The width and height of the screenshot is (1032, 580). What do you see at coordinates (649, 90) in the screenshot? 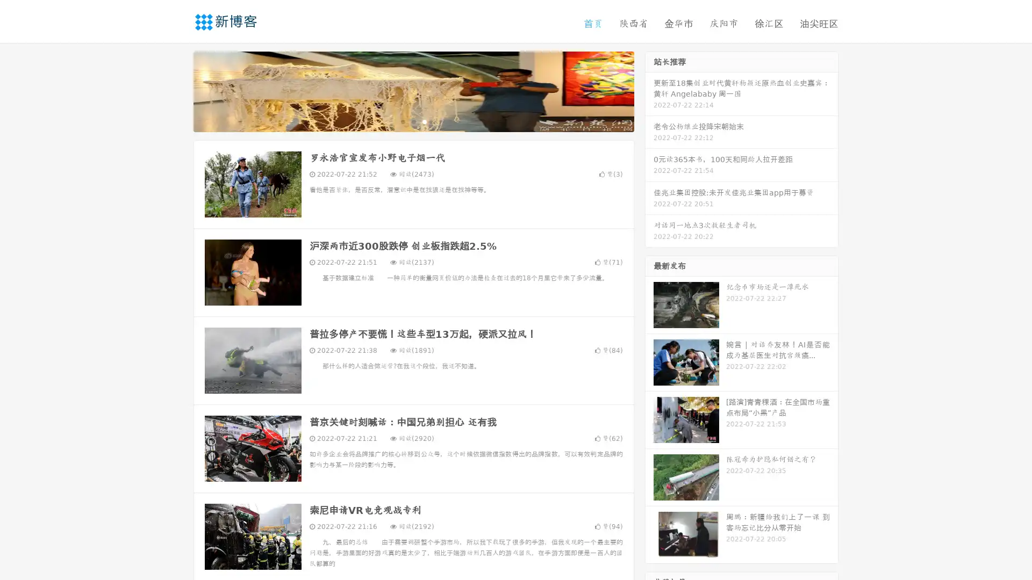
I see `Next slide` at bounding box center [649, 90].